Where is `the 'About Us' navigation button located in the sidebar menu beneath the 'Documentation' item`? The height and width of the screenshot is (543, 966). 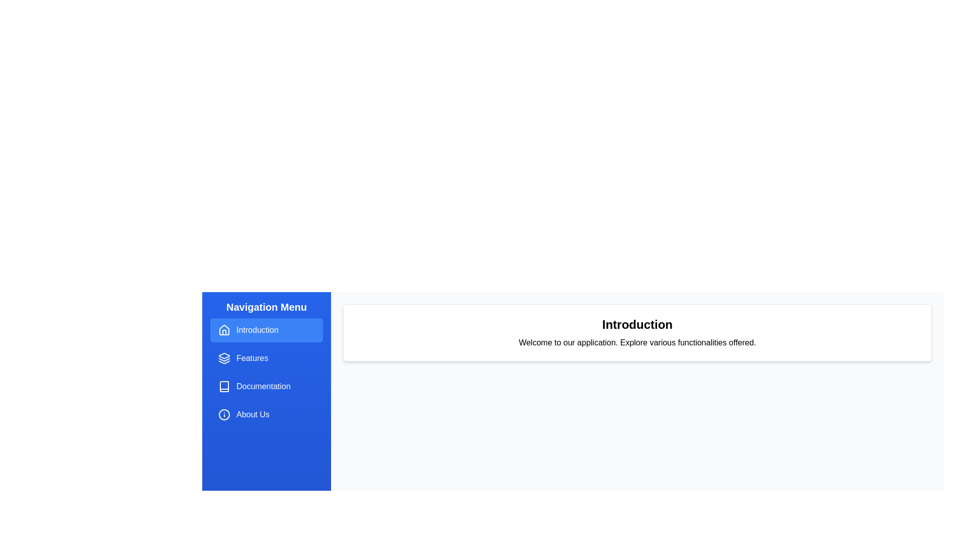 the 'About Us' navigation button located in the sidebar menu beneath the 'Documentation' item is located at coordinates (266, 415).